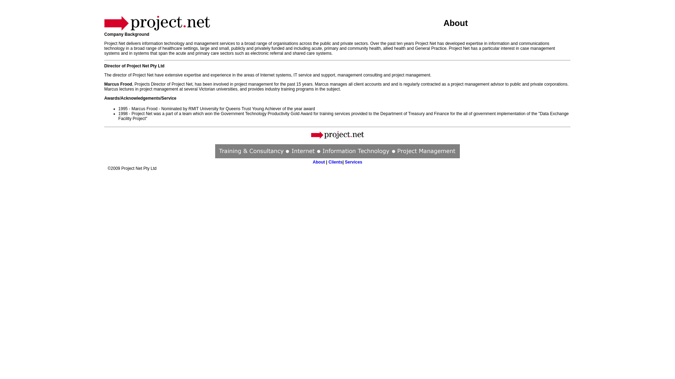  What do you see at coordinates (345, 162) in the screenshot?
I see `'Services'` at bounding box center [345, 162].